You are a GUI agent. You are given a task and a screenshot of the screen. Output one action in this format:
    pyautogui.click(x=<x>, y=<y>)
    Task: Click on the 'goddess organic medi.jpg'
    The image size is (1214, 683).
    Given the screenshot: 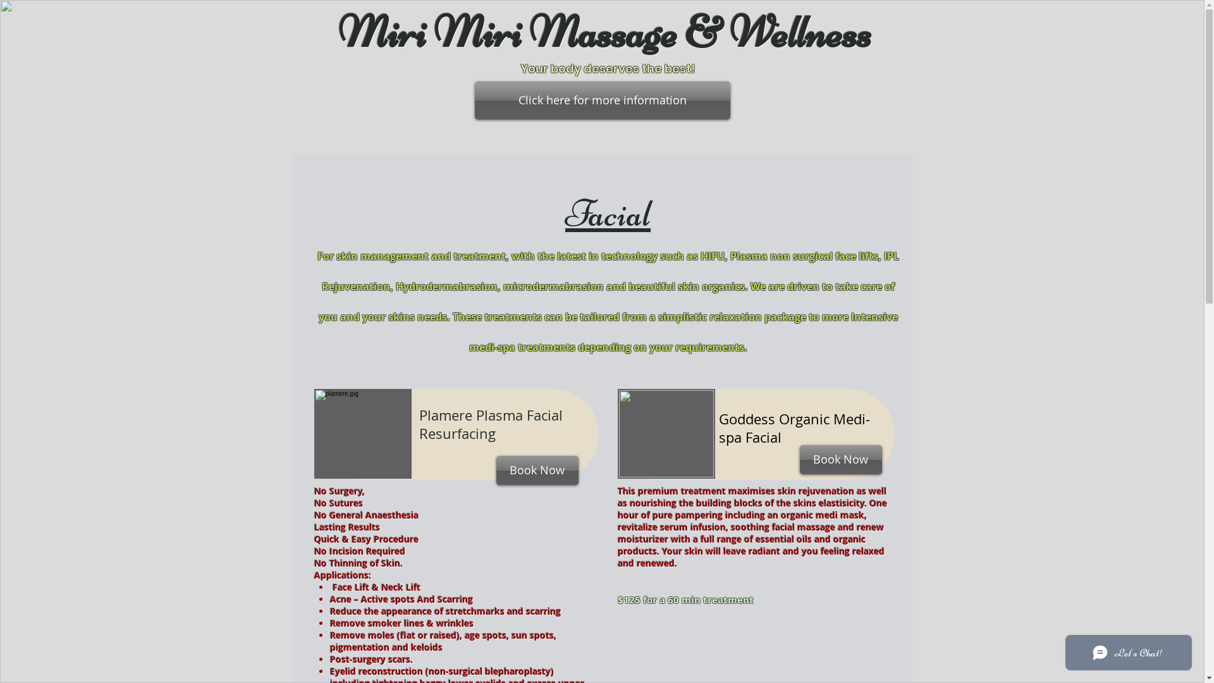 What is the action you would take?
    pyautogui.click(x=665, y=433)
    